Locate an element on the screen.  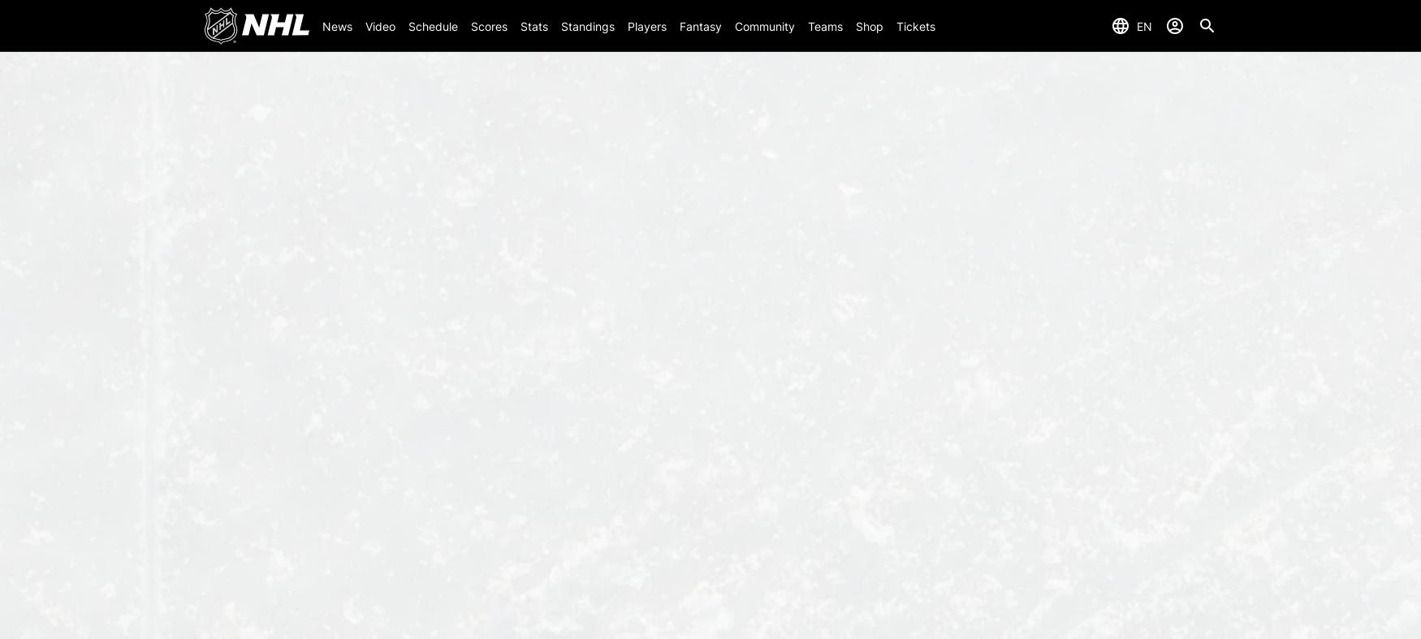
'Schedule' is located at coordinates (407, 24).